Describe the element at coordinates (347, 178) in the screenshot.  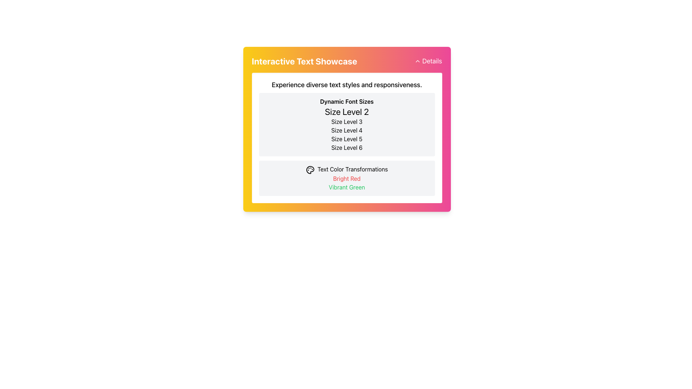
I see `the Text Label displaying 'Bright Red', which is styled with a red font color and located below the heading 'Text Color Transformations'` at that location.